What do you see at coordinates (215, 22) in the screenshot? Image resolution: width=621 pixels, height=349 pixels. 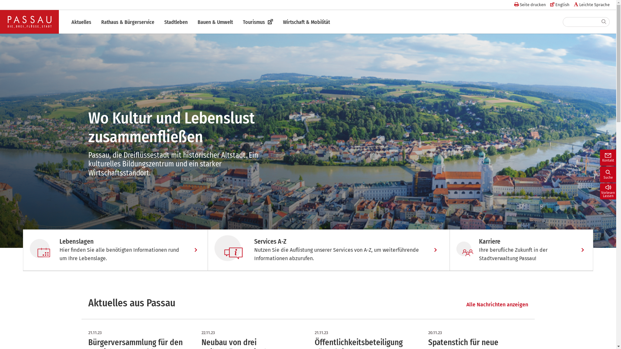 I see `'Bauen & Umwelt'` at bounding box center [215, 22].